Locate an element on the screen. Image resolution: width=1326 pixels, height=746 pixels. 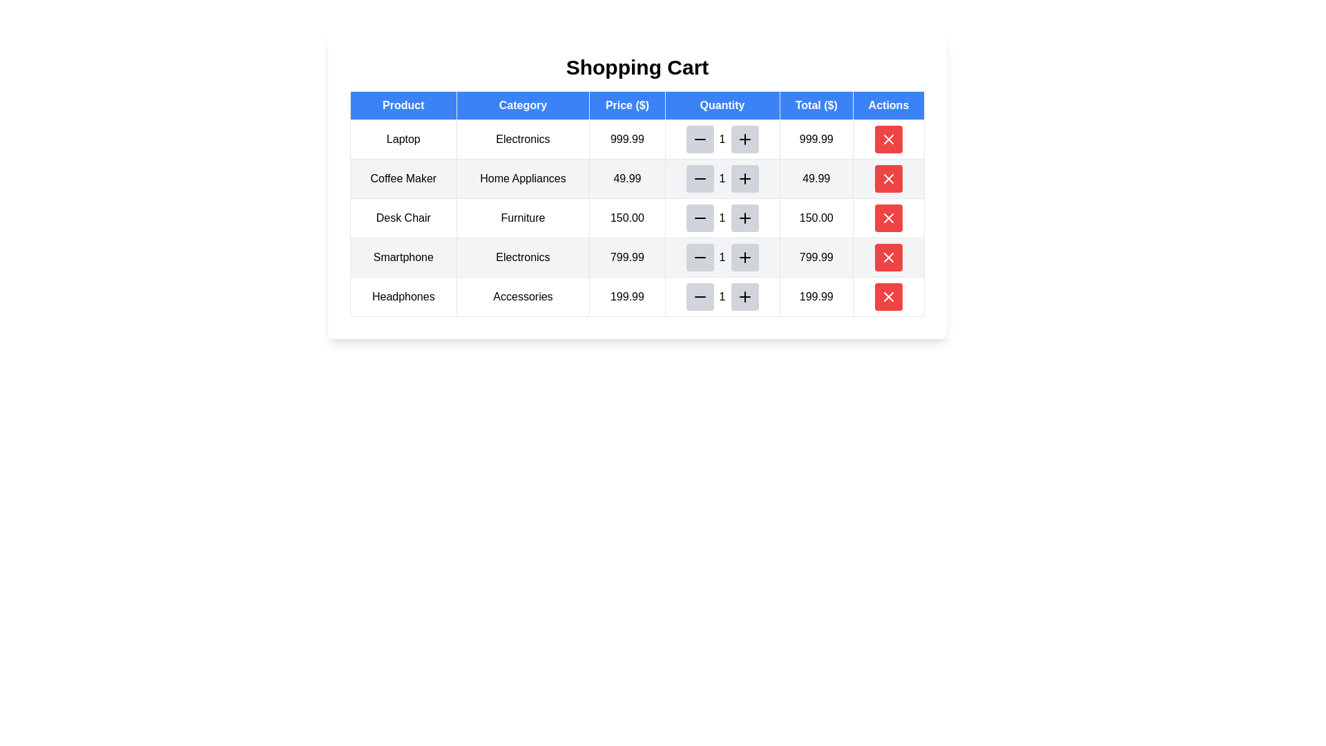
the fourth button in the 'Actions' column of the table to observe the hover state effect is located at coordinates (888, 218).